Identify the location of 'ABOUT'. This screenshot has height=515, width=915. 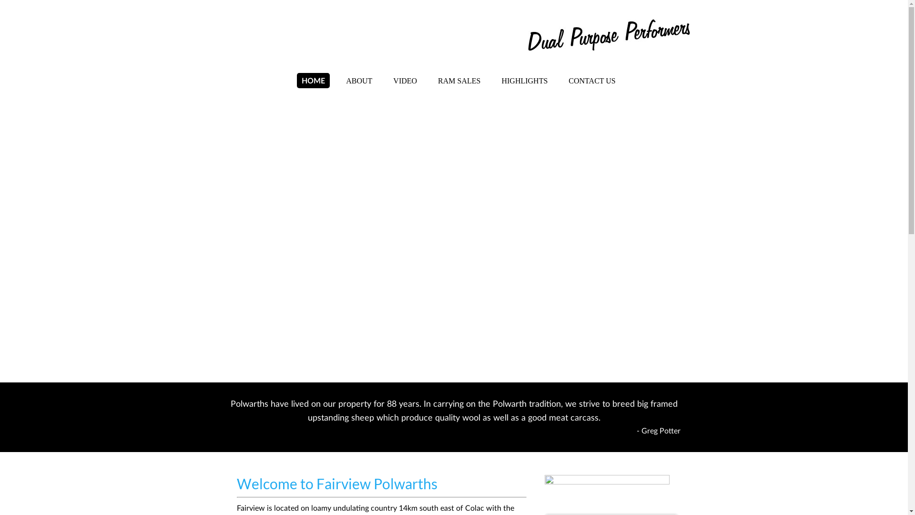
(358, 80).